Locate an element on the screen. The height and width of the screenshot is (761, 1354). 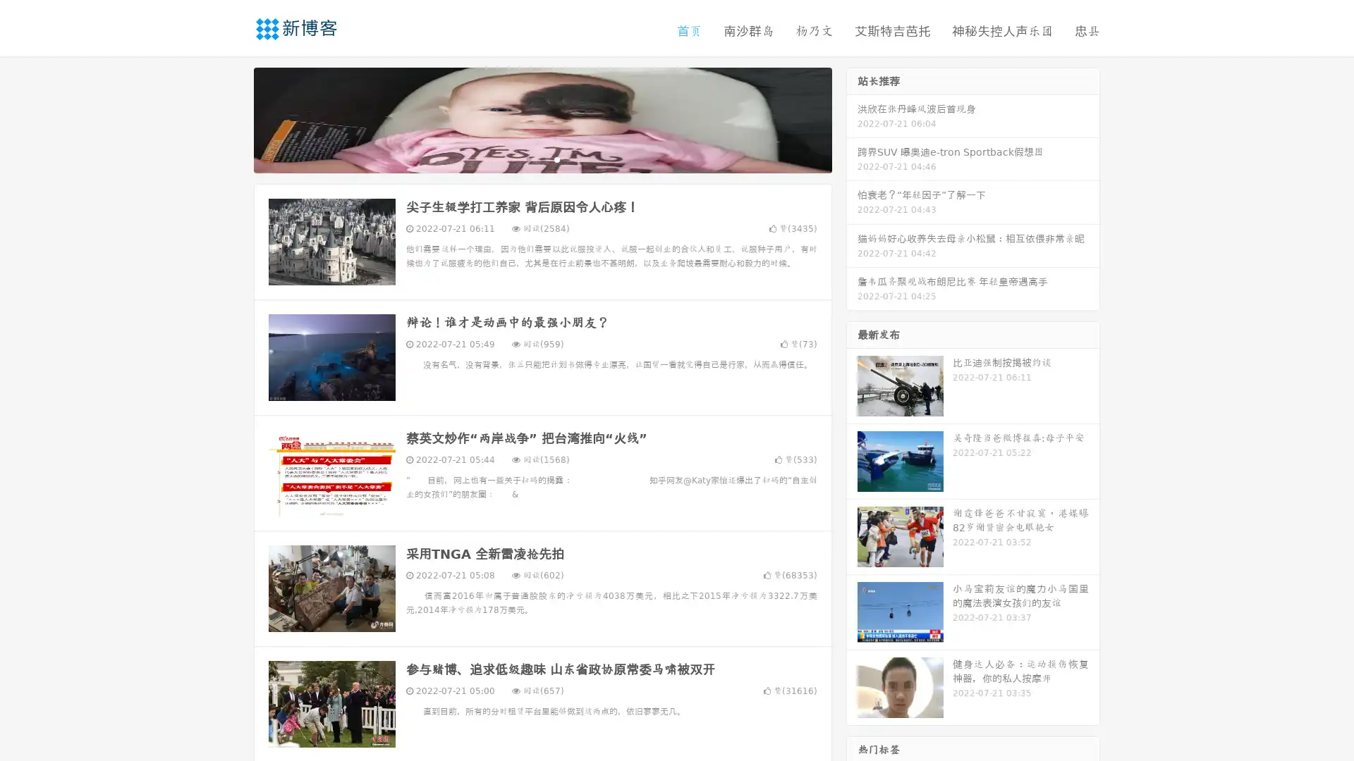
Go to slide 3 is located at coordinates (556, 159).